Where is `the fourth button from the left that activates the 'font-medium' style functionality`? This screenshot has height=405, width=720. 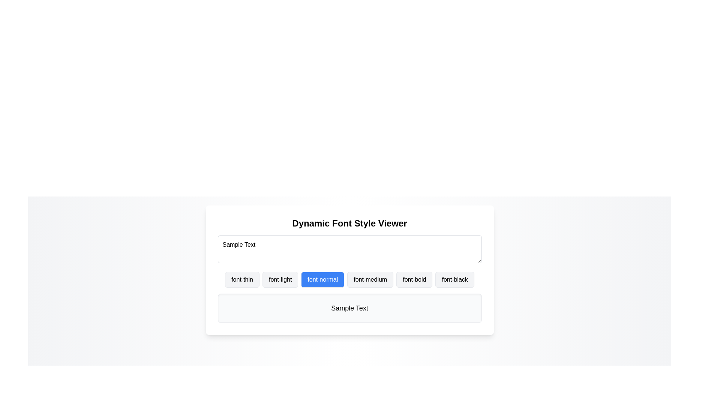
the fourth button from the left that activates the 'font-medium' style functionality is located at coordinates (370, 279).